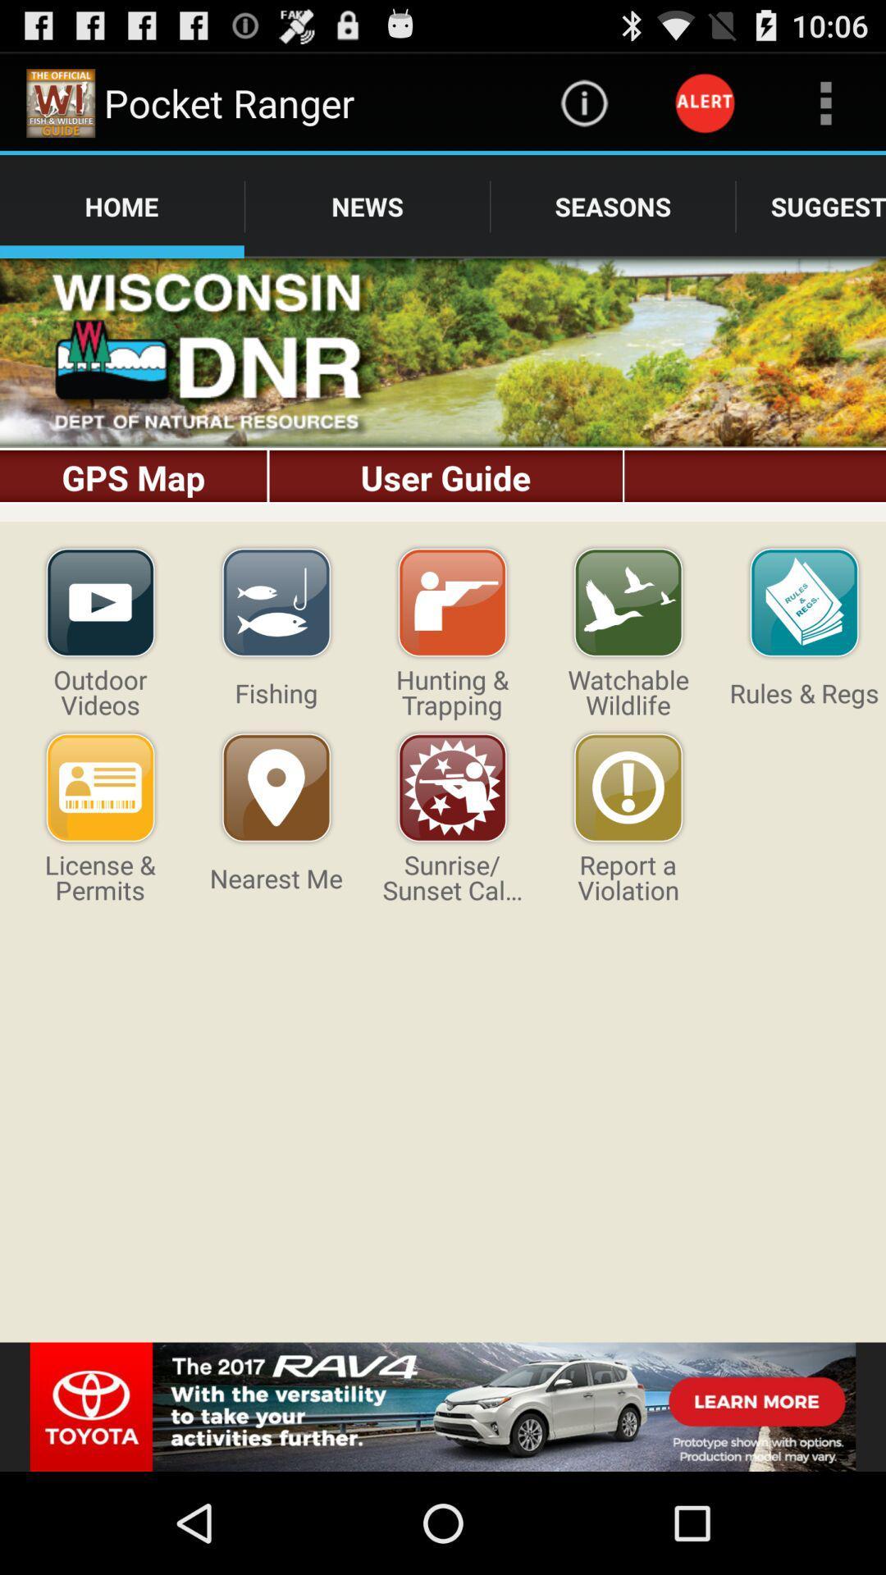 The height and width of the screenshot is (1575, 886). Describe the element at coordinates (443, 389) in the screenshot. I see `bring up the gps map` at that location.